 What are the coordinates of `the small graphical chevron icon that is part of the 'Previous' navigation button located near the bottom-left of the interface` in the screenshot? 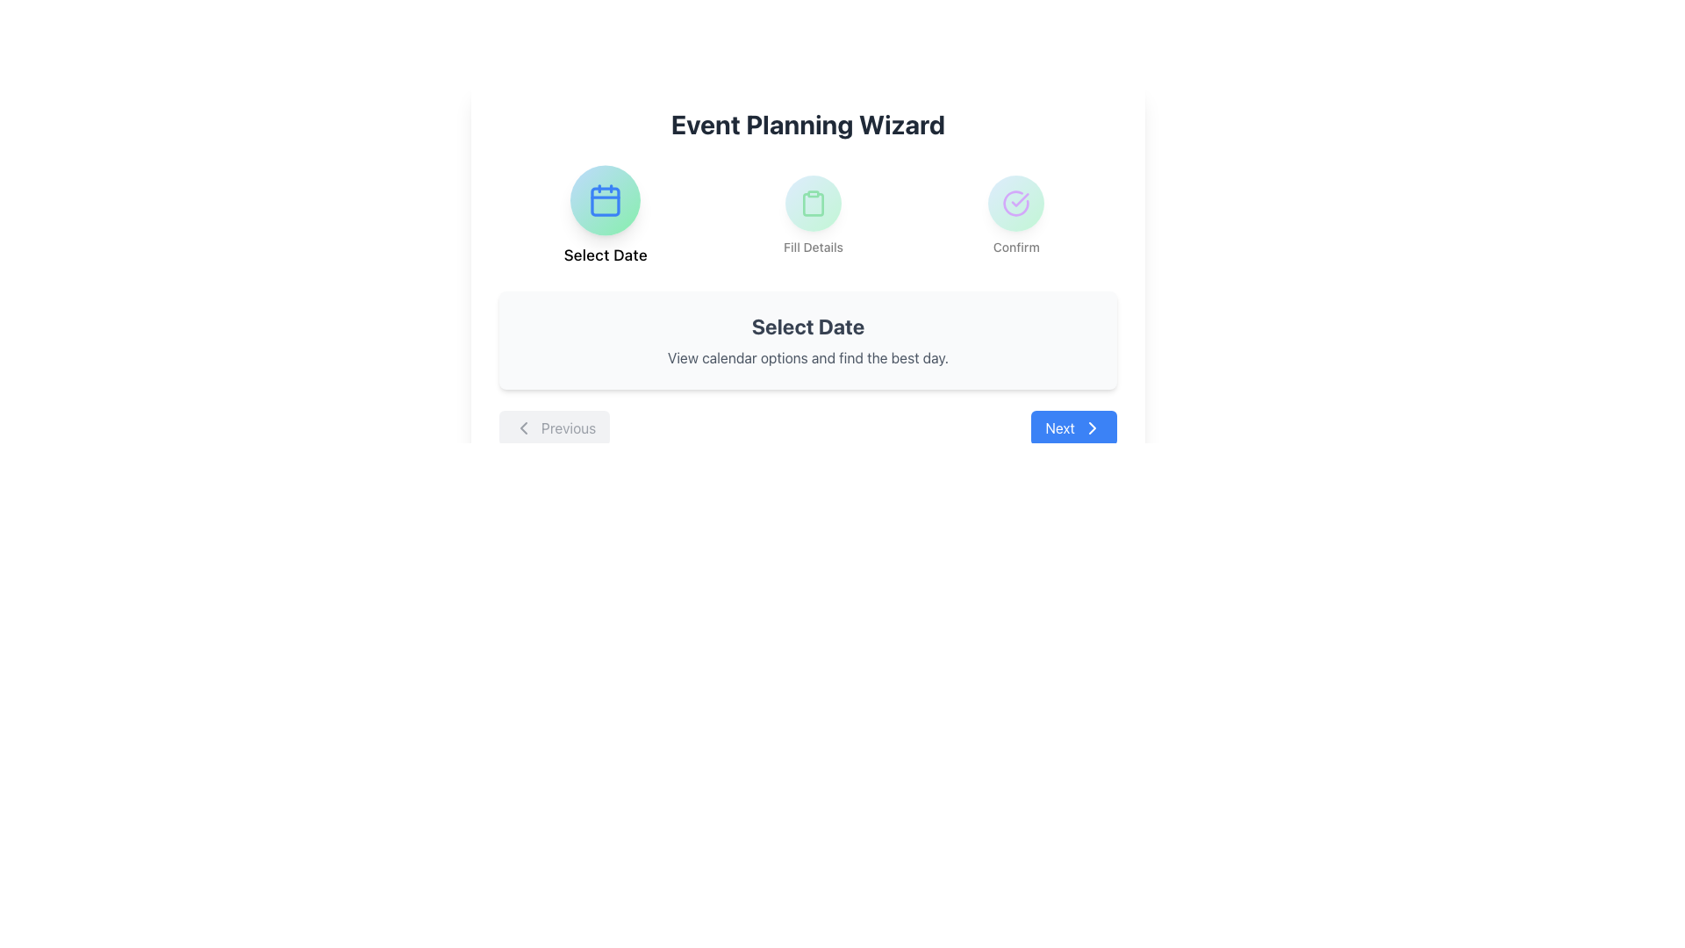 It's located at (522, 428).